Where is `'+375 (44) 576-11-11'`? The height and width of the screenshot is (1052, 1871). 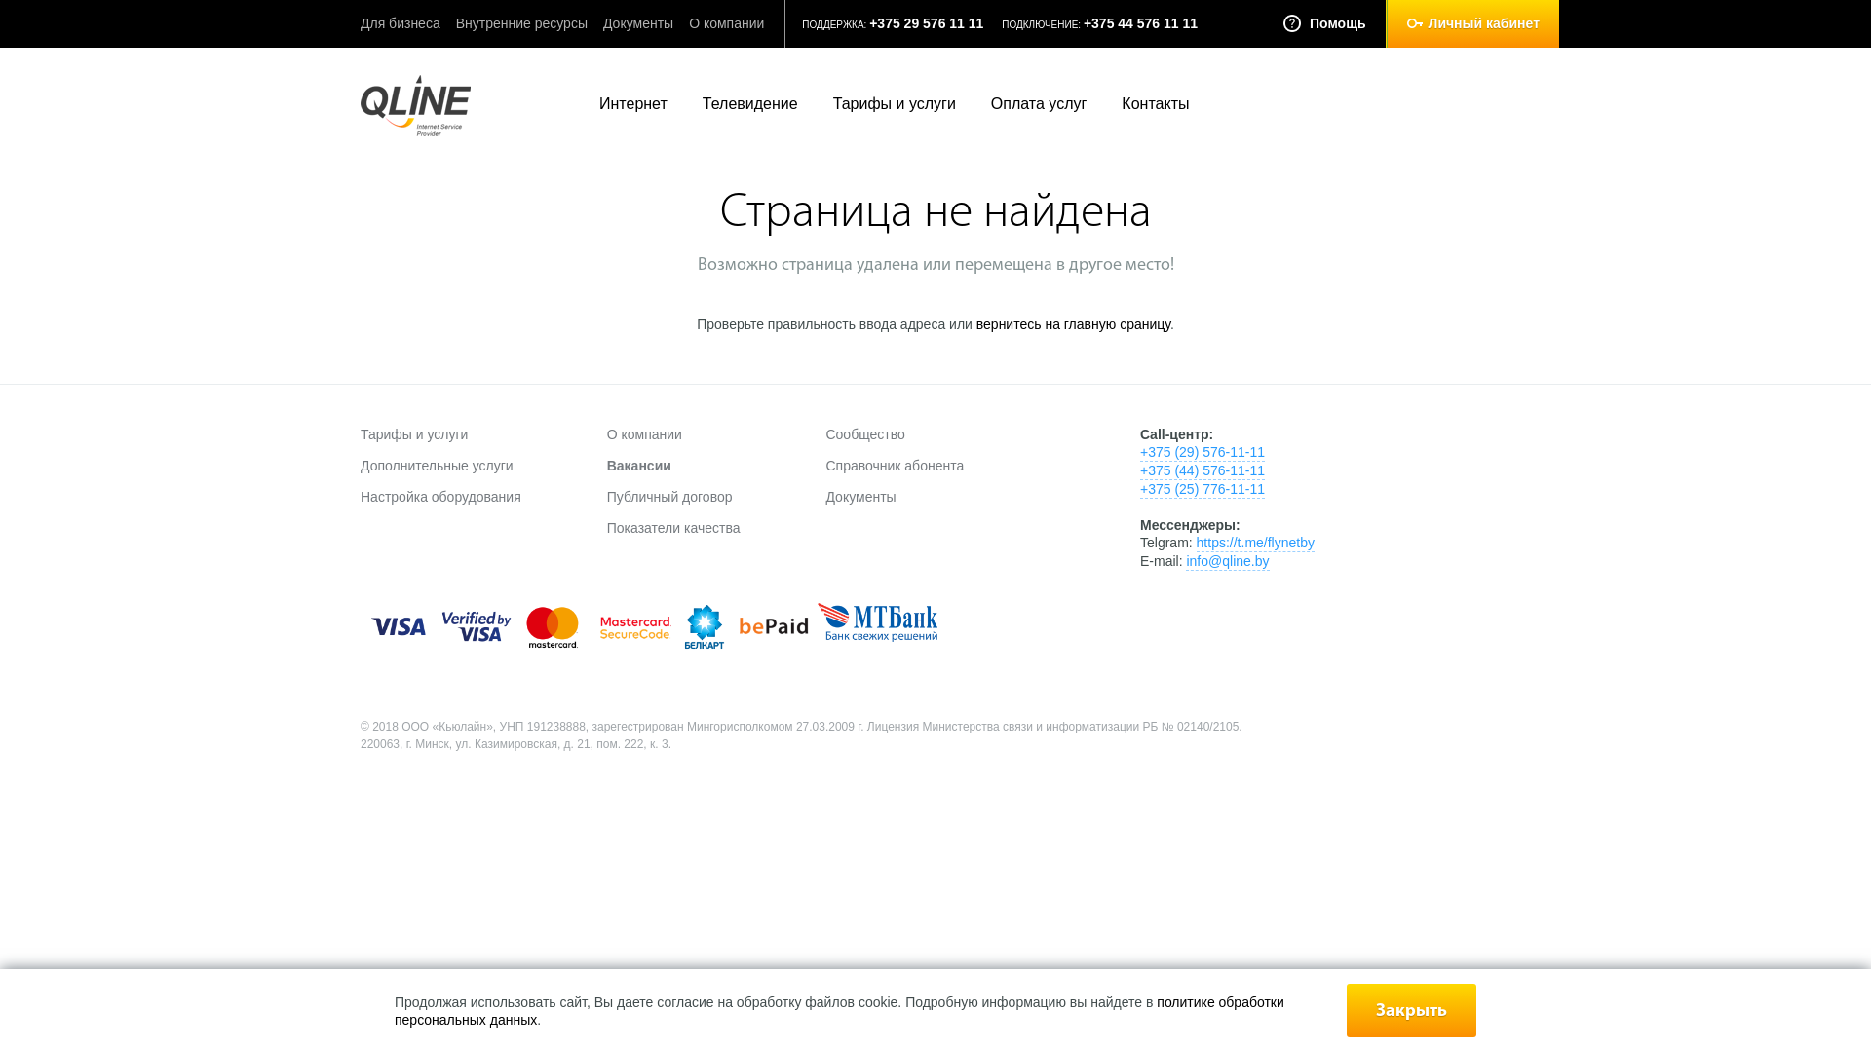 '+375 (44) 576-11-11' is located at coordinates (1201, 470).